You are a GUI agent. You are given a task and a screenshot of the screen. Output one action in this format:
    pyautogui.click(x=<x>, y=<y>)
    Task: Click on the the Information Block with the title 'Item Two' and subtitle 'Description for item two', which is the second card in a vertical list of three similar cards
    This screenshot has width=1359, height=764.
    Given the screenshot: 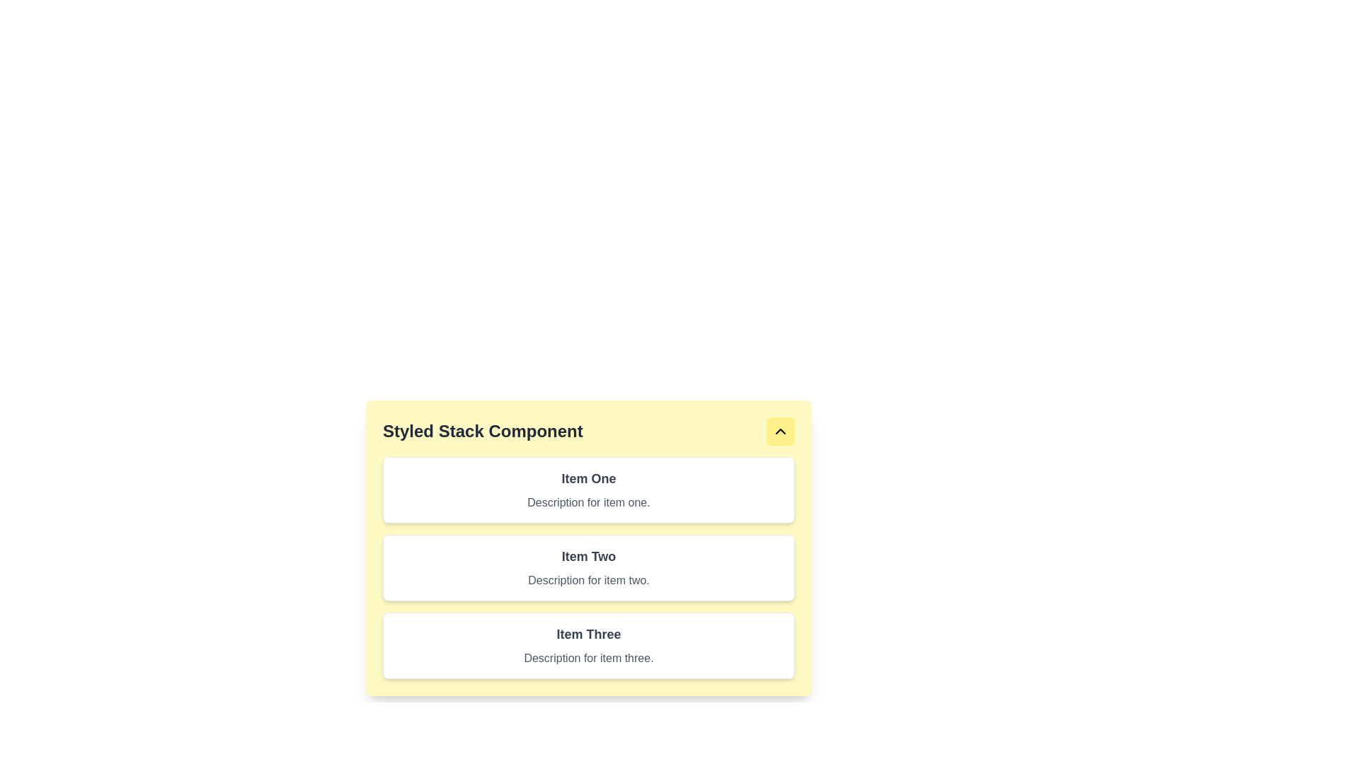 What is the action you would take?
    pyautogui.click(x=588, y=567)
    